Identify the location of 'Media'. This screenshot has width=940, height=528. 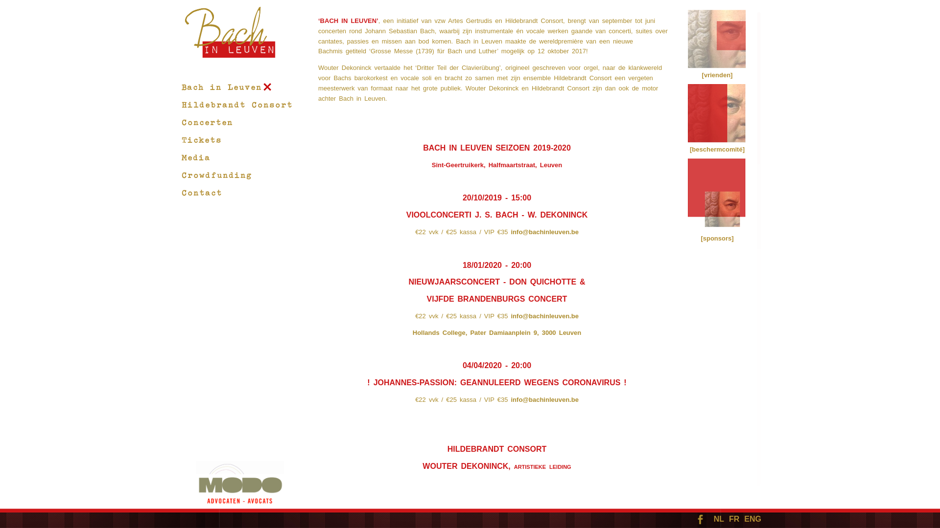
(195, 156).